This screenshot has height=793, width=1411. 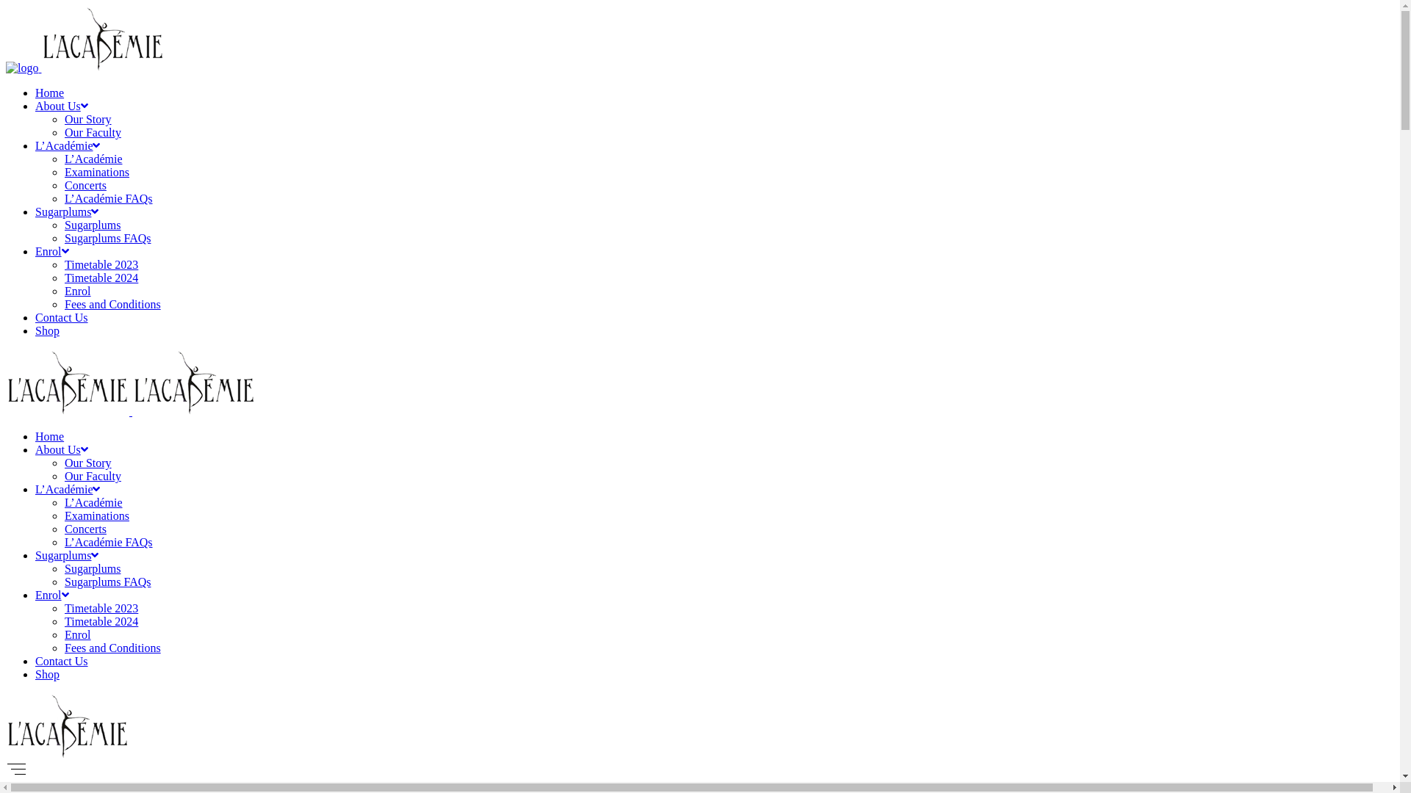 What do you see at coordinates (52, 250) in the screenshot?
I see `'Enrol'` at bounding box center [52, 250].